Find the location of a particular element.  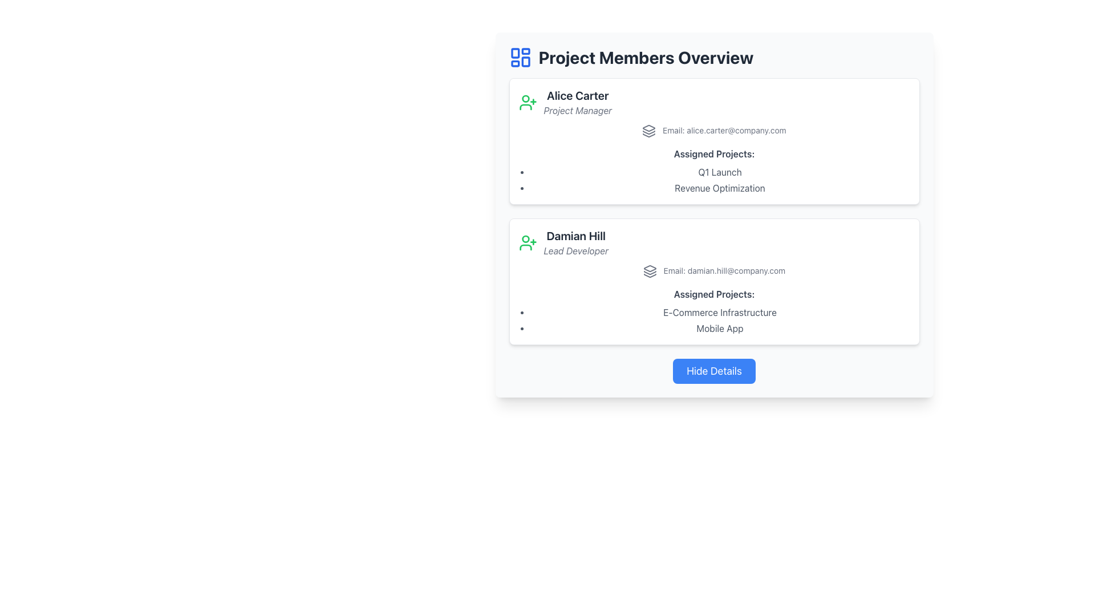

the SVG-based icon to the left of 'Damian Hill' in the second section of the list is located at coordinates (527, 242).